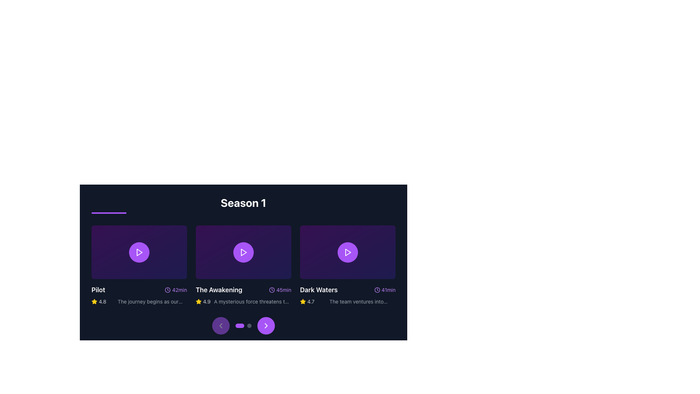 The width and height of the screenshot is (700, 394). Describe the element at coordinates (98, 302) in the screenshot. I see `rating value displayed in the bottom-left region of the episode card titled 'Pilot', which includes an icon and text` at that location.